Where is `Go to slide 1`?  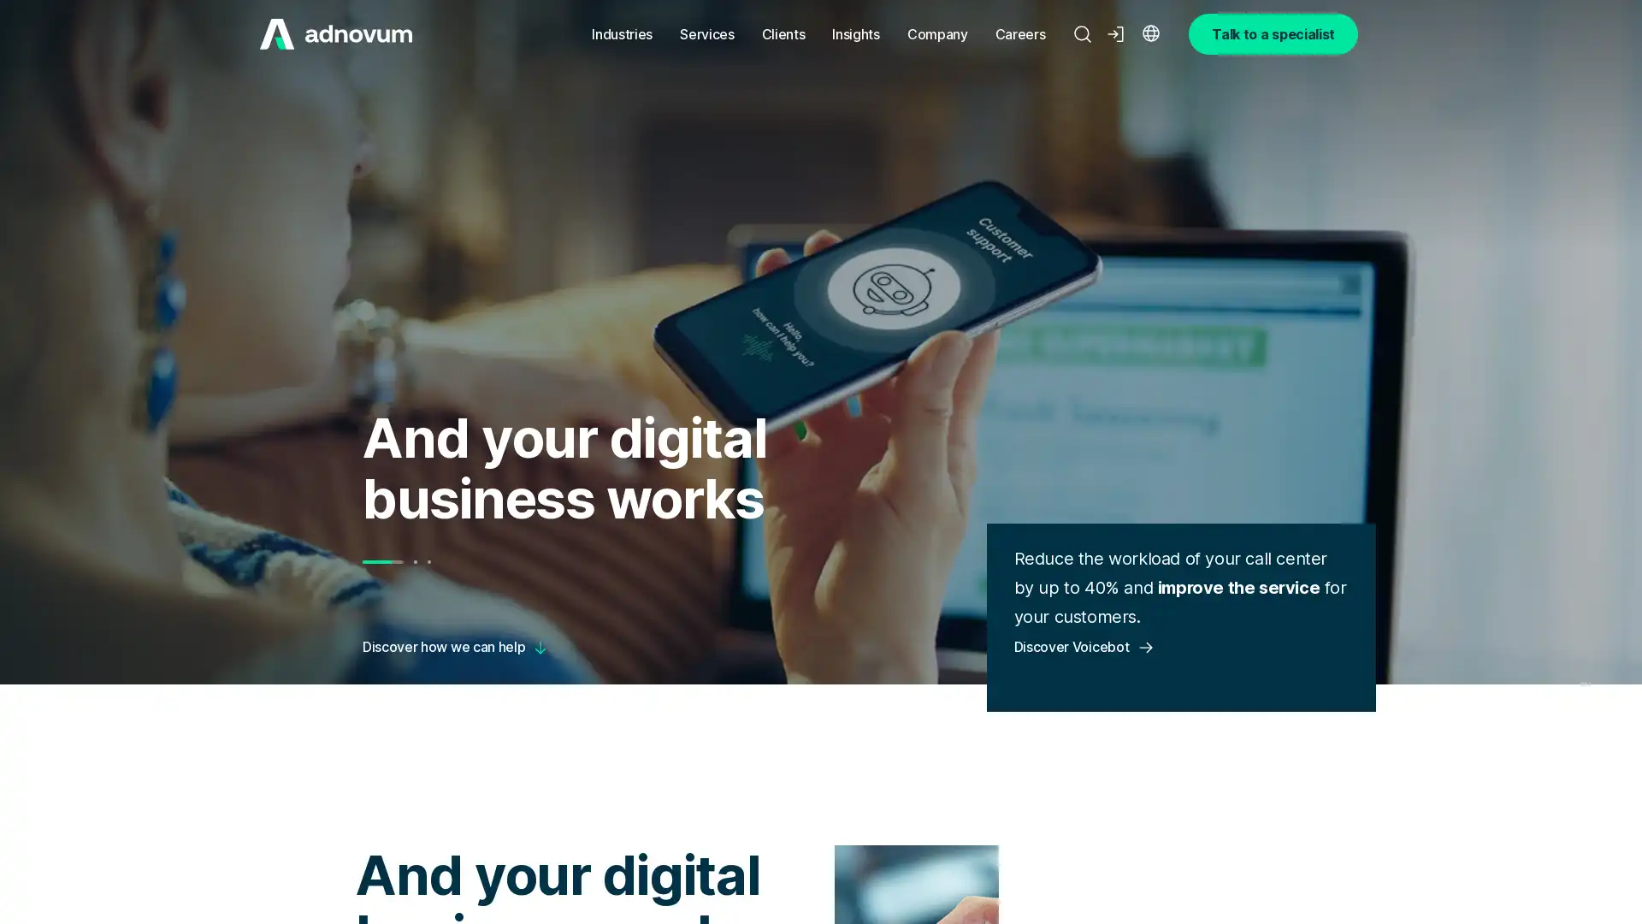
Go to slide 1 is located at coordinates (381, 561).